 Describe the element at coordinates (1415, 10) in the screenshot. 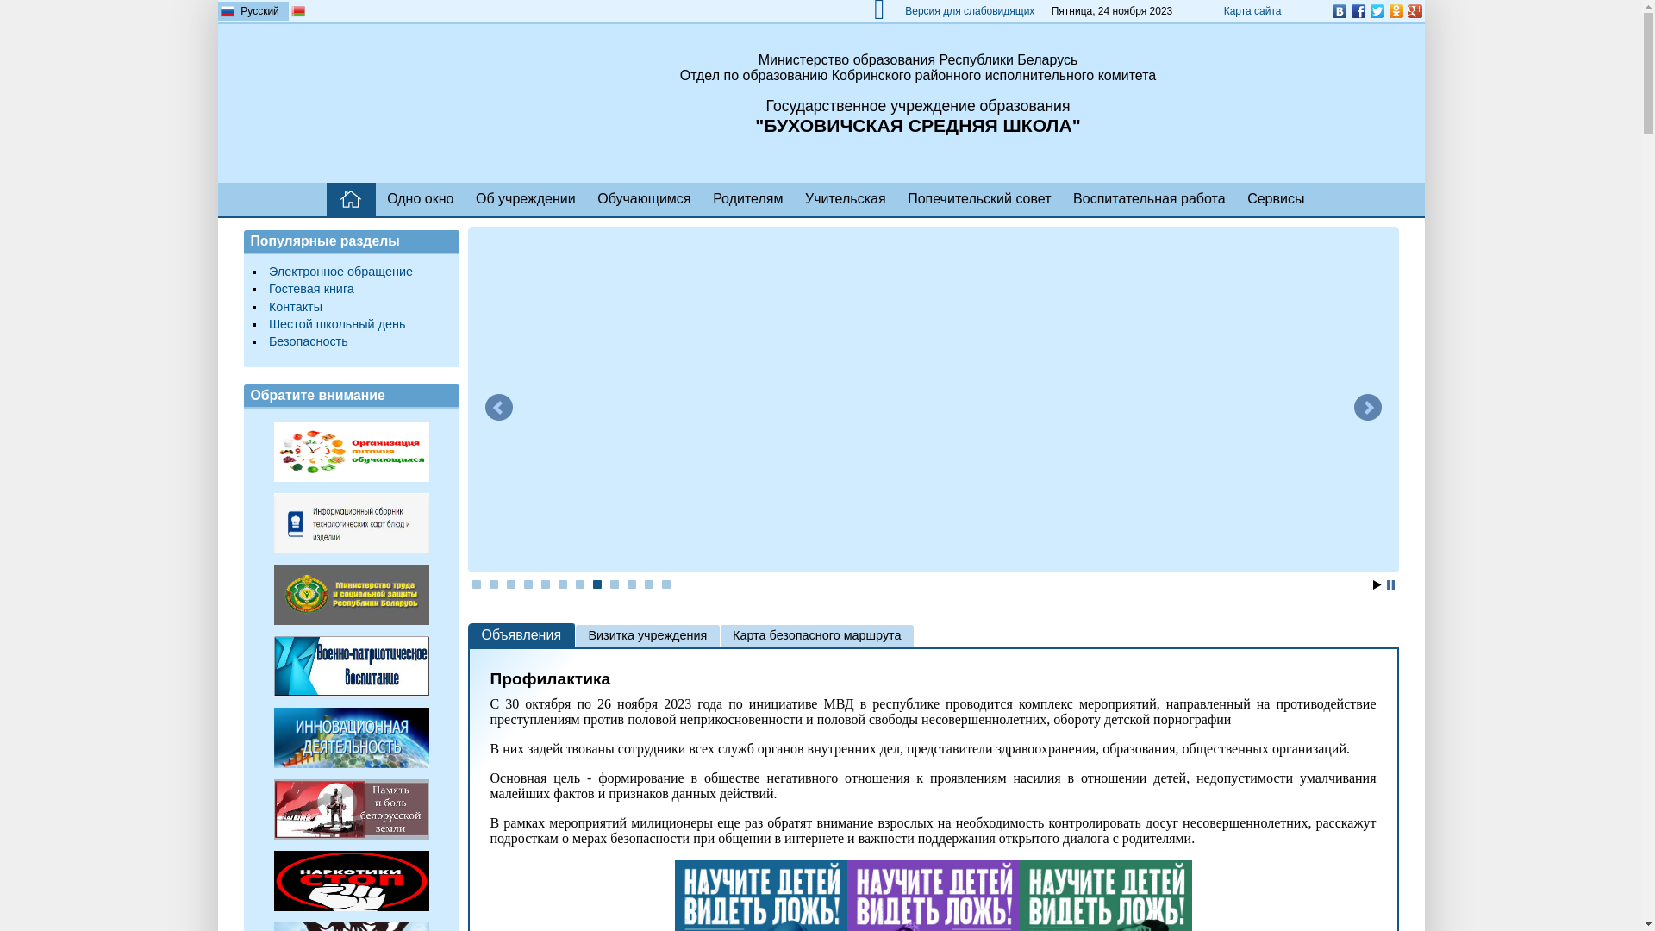

I see `'Google Plus'` at that location.